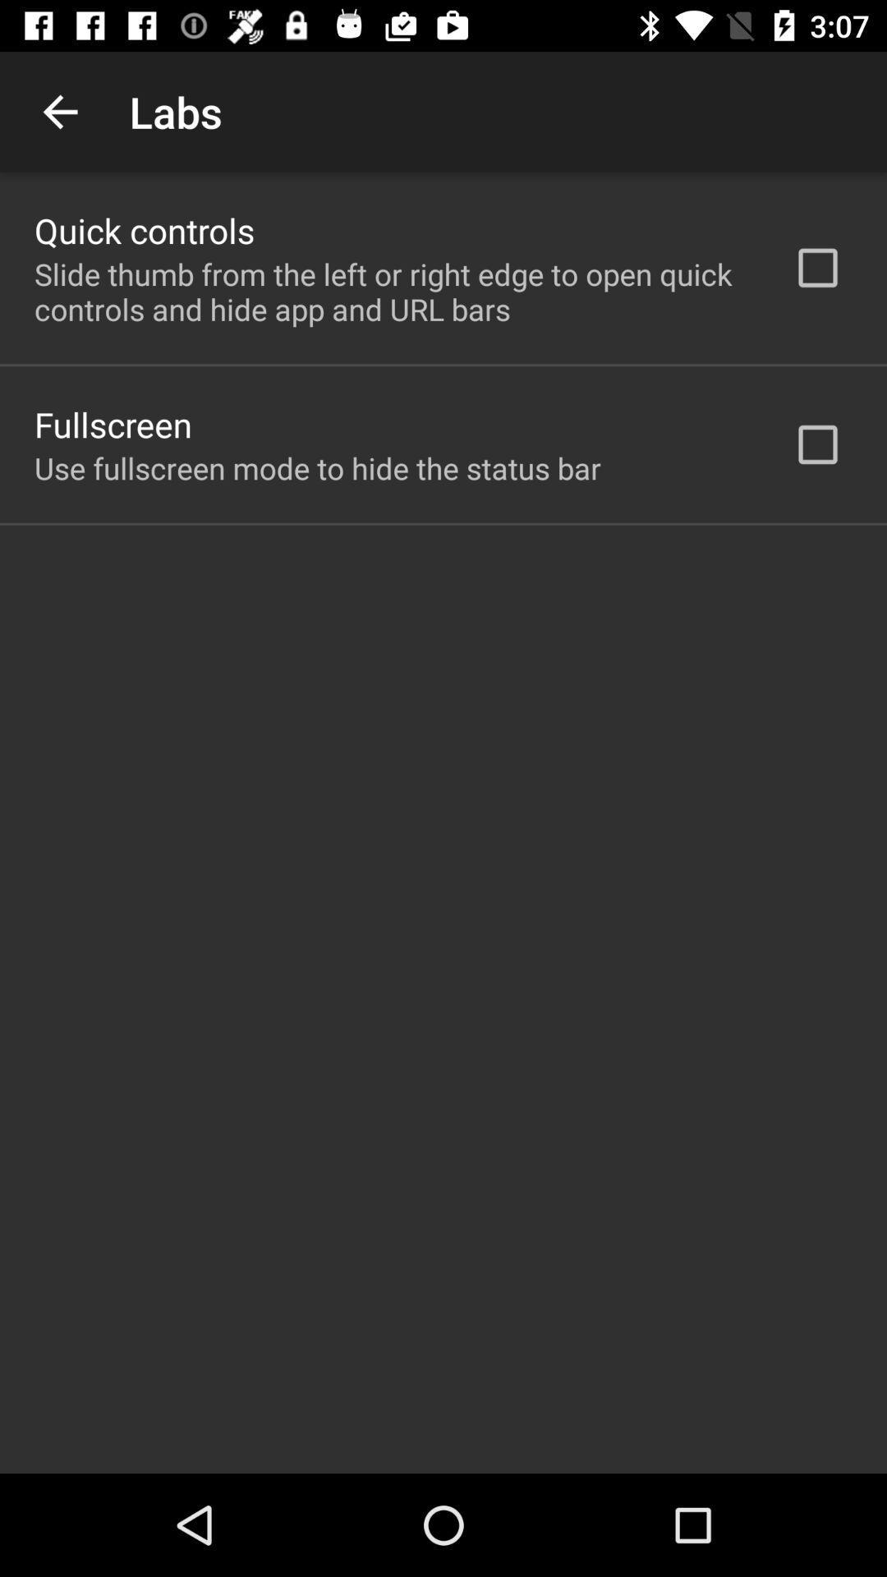 This screenshot has width=887, height=1577. I want to click on app above the quick controls item, so click(59, 111).